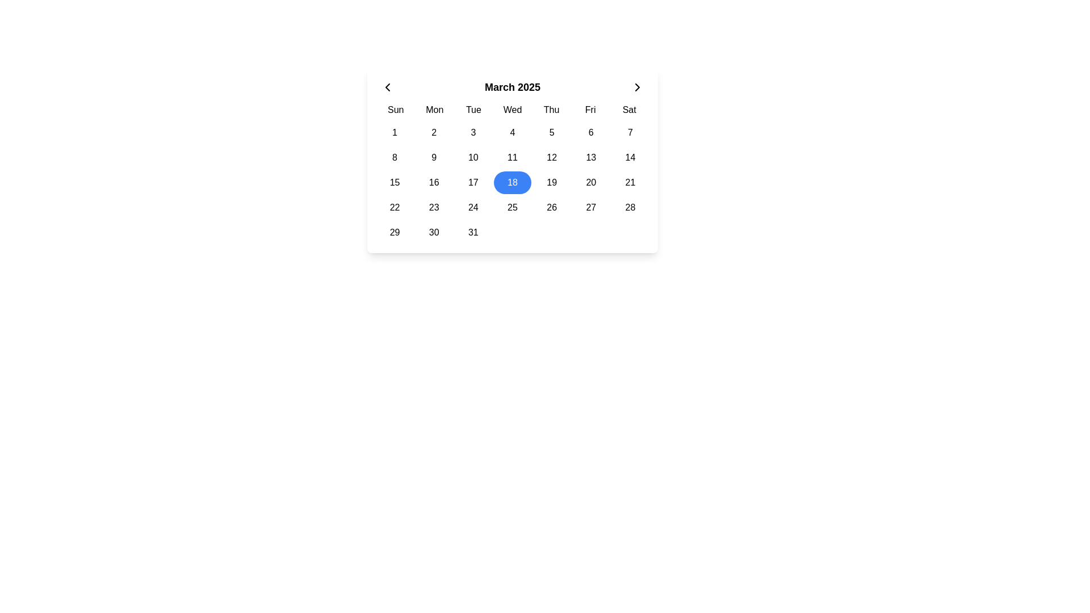 The height and width of the screenshot is (613, 1090). Describe the element at coordinates (590, 110) in the screenshot. I see `the static text label displaying 'Fri', which is the sixth element in a grid of week names at the top of the calendar interface` at that location.